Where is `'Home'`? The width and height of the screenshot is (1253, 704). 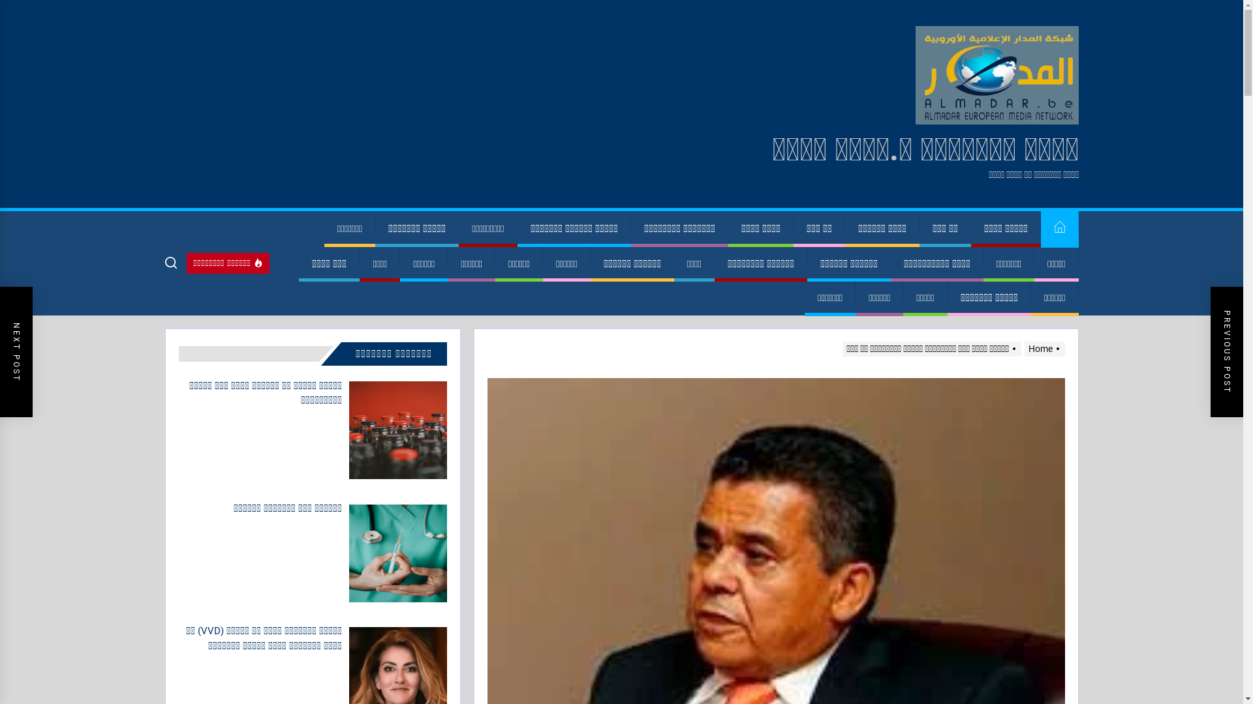 'Home' is located at coordinates (1059, 228).